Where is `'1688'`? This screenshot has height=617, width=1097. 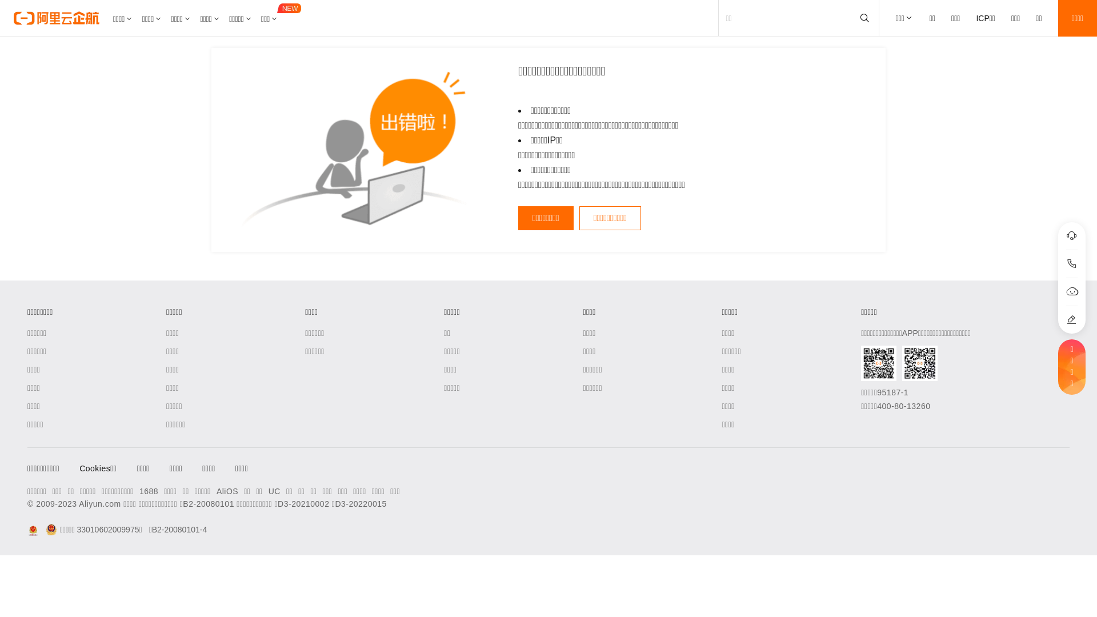
'1688' is located at coordinates (148, 491).